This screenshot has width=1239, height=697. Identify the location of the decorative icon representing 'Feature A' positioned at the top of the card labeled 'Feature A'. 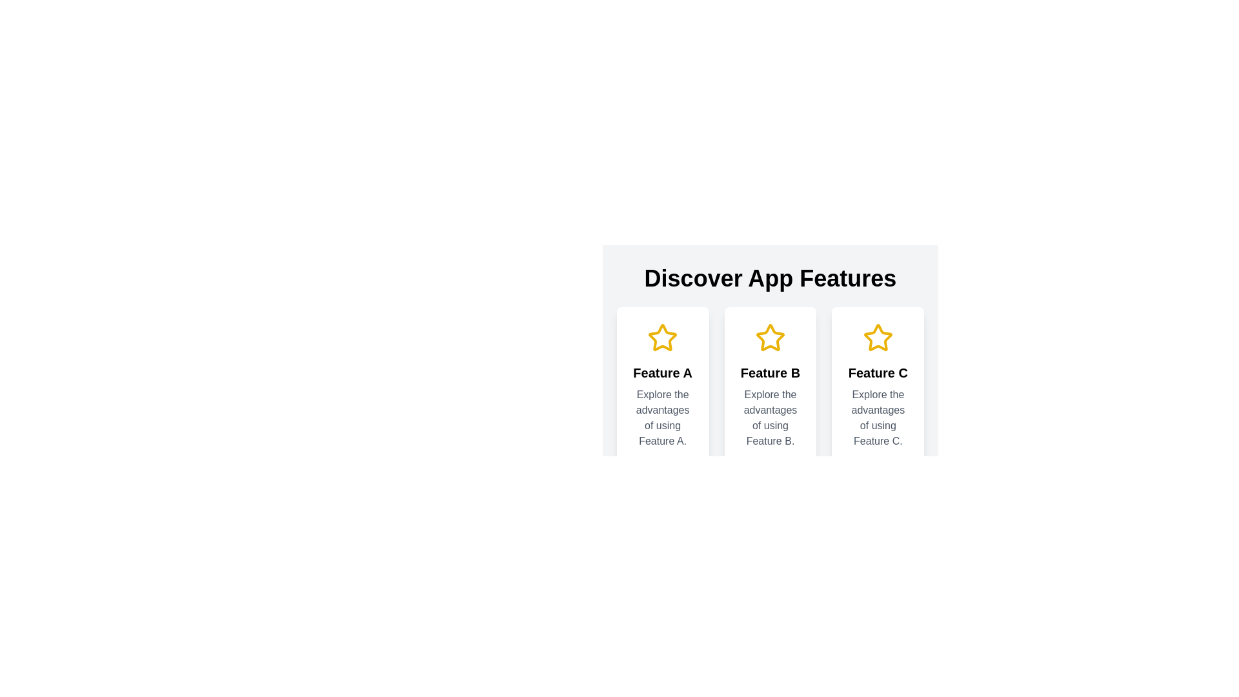
(663, 338).